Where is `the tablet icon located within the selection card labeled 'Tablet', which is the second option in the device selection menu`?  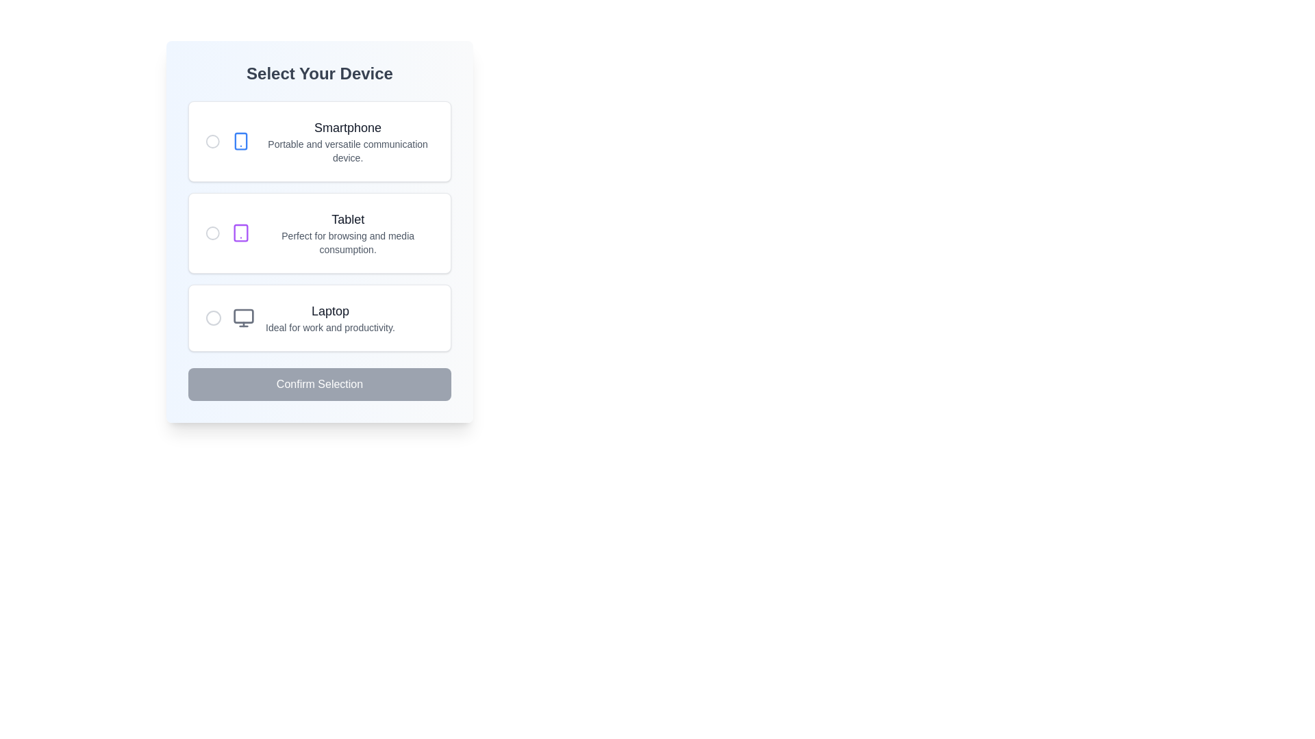 the tablet icon located within the selection card labeled 'Tablet', which is the second option in the device selection menu is located at coordinates (240, 232).